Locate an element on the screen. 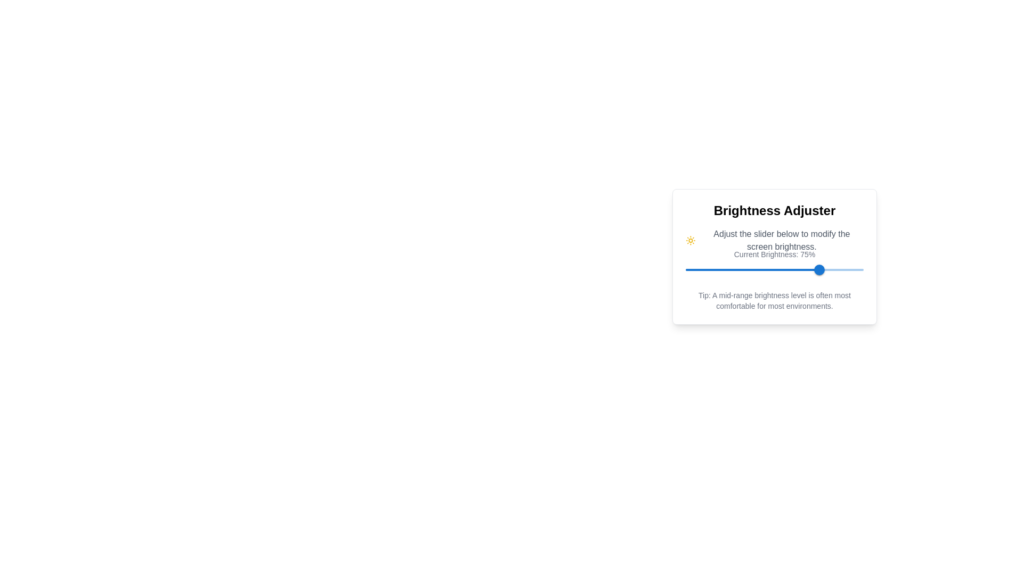 This screenshot has width=1023, height=575. the brightness is located at coordinates (782, 269).